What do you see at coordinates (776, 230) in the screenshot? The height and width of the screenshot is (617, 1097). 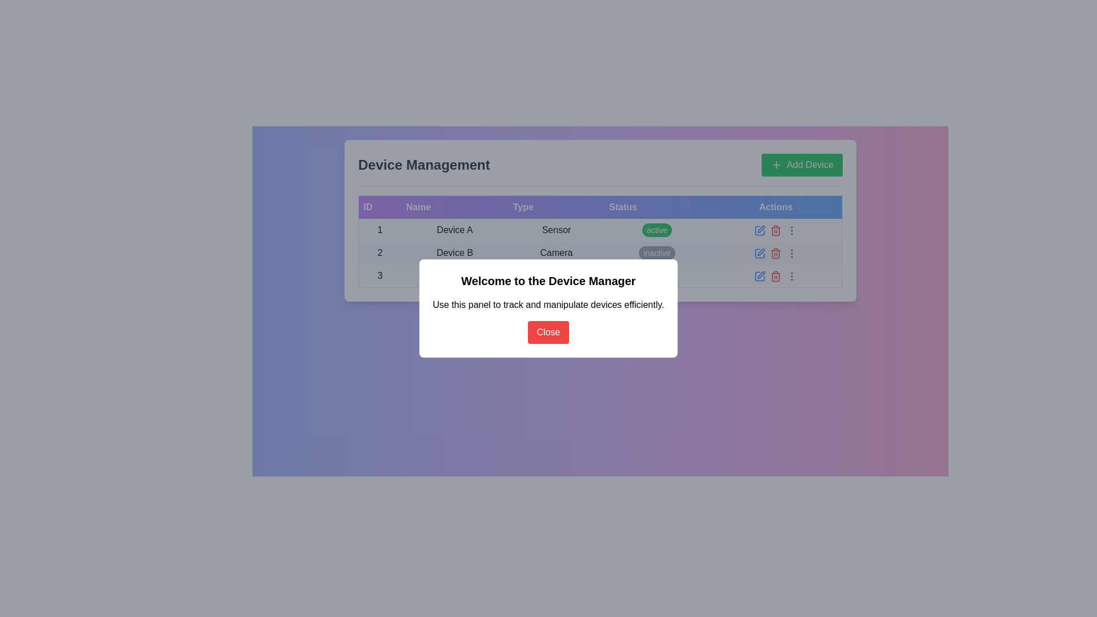 I see `the trash can icon button outlined in red located in the 'Actions' column of the second row` at bounding box center [776, 230].